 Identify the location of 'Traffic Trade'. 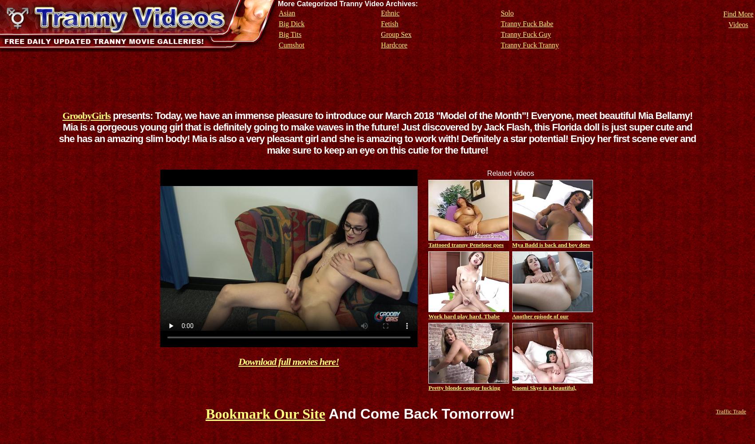
(715, 411).